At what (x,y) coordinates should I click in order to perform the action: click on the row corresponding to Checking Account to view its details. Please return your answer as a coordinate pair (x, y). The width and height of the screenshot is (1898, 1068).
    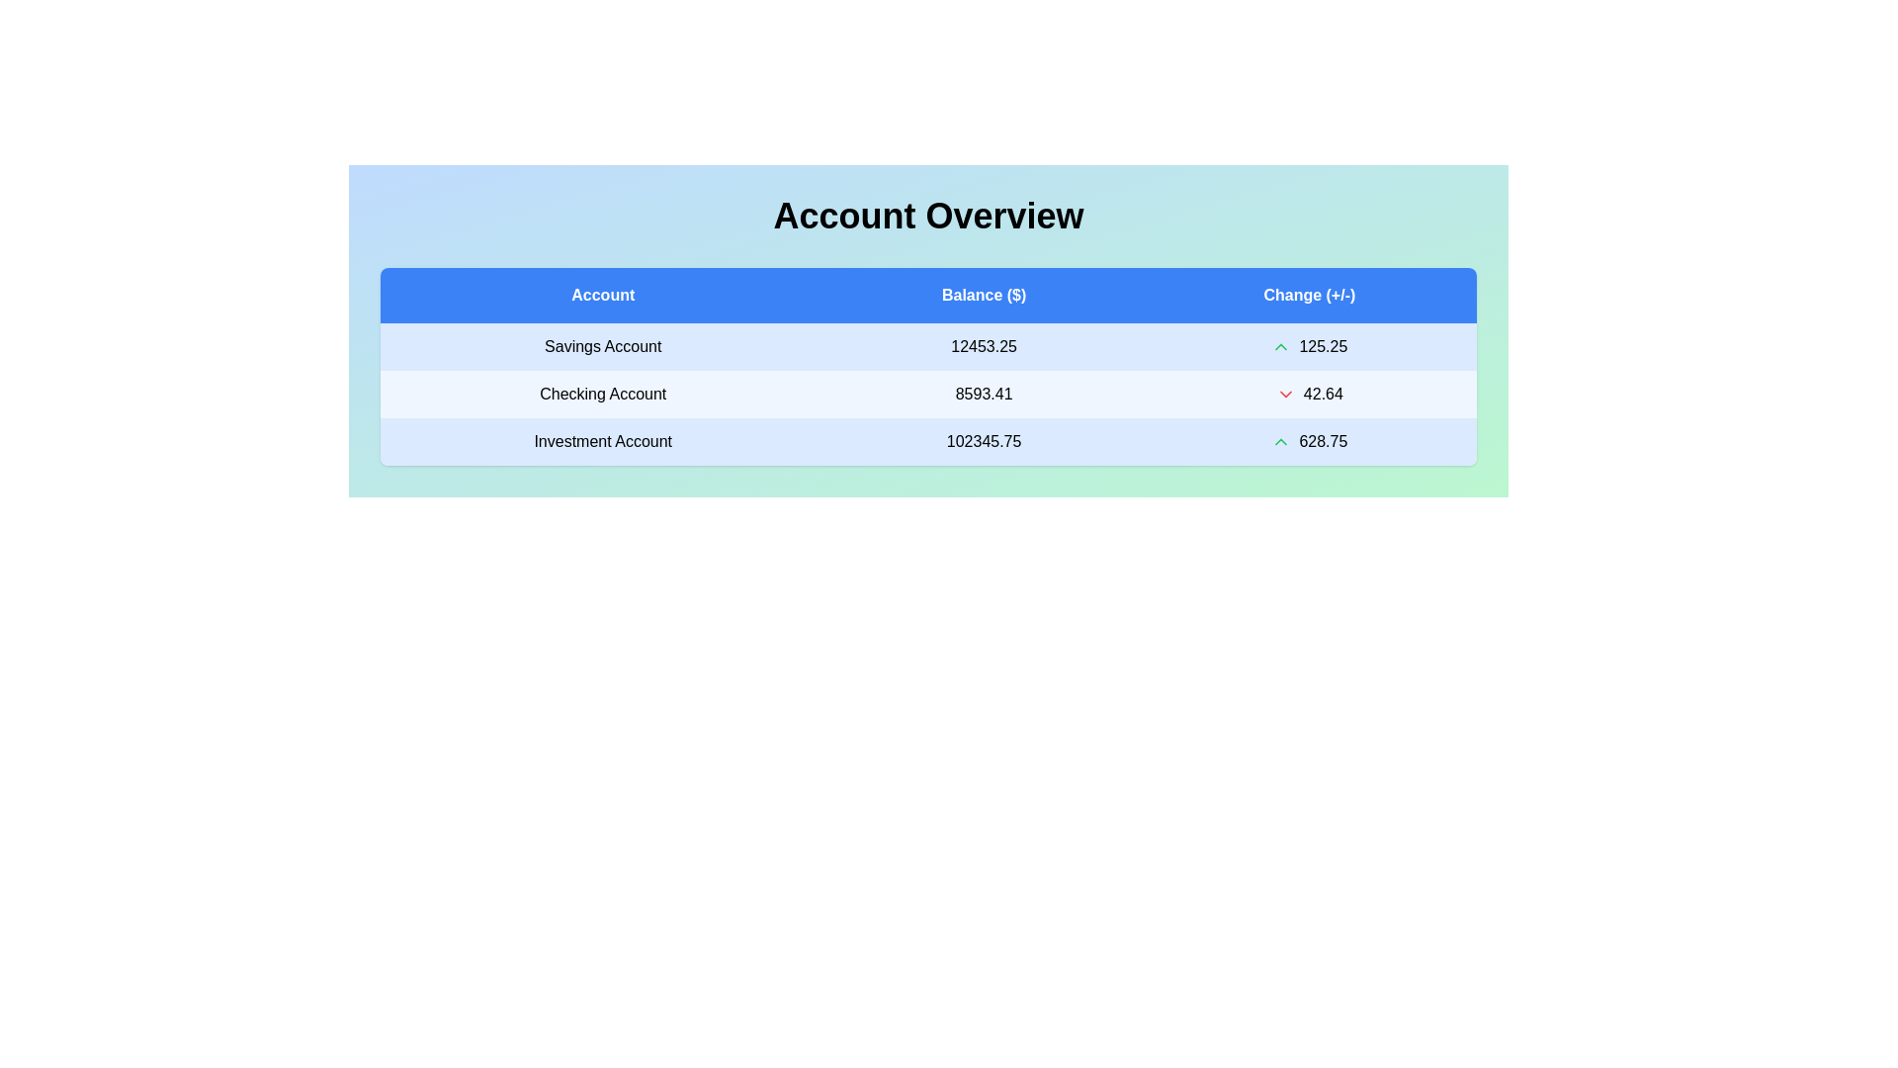
    Looking at the image, I should click on (602, 394).